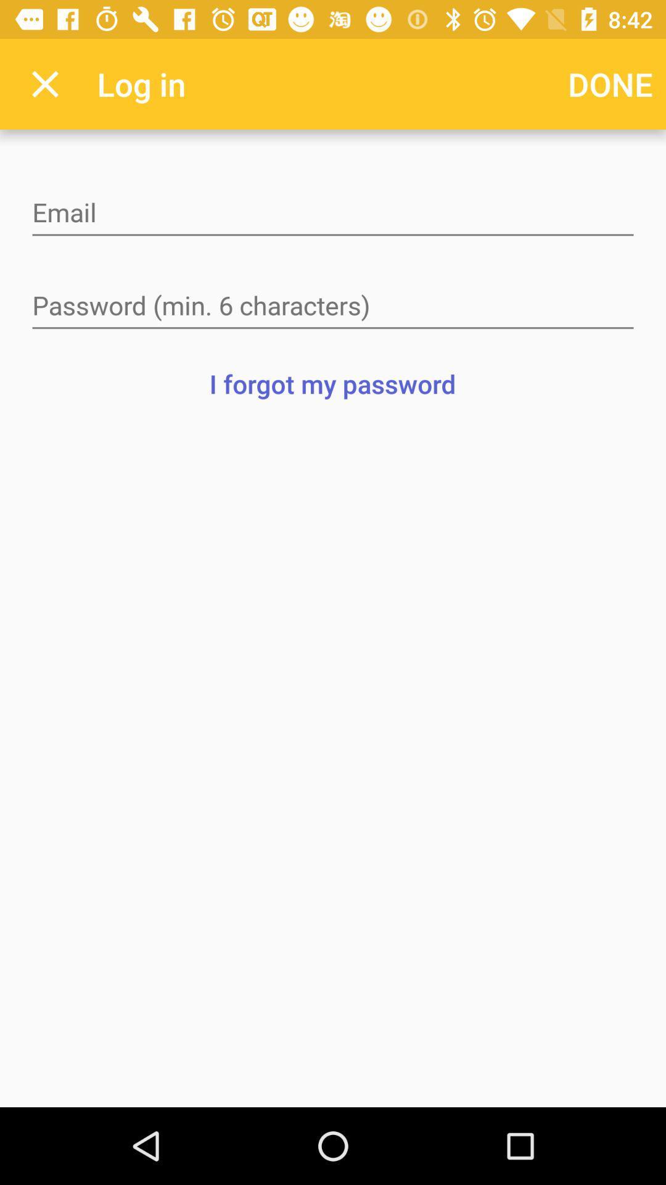  Describe the element at coordinates (610, 83) in the screenshot. I see `the item to the right of log in app` at that location.